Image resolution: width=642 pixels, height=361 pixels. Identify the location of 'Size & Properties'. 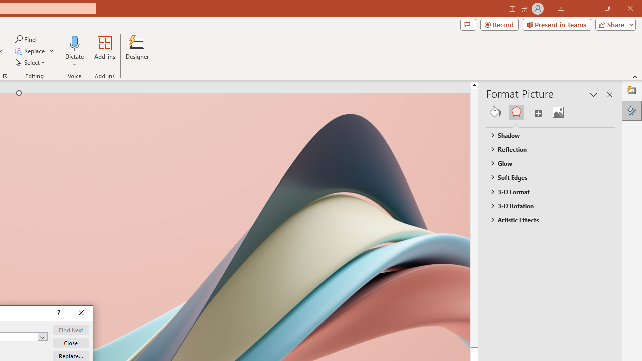
(536, 112).